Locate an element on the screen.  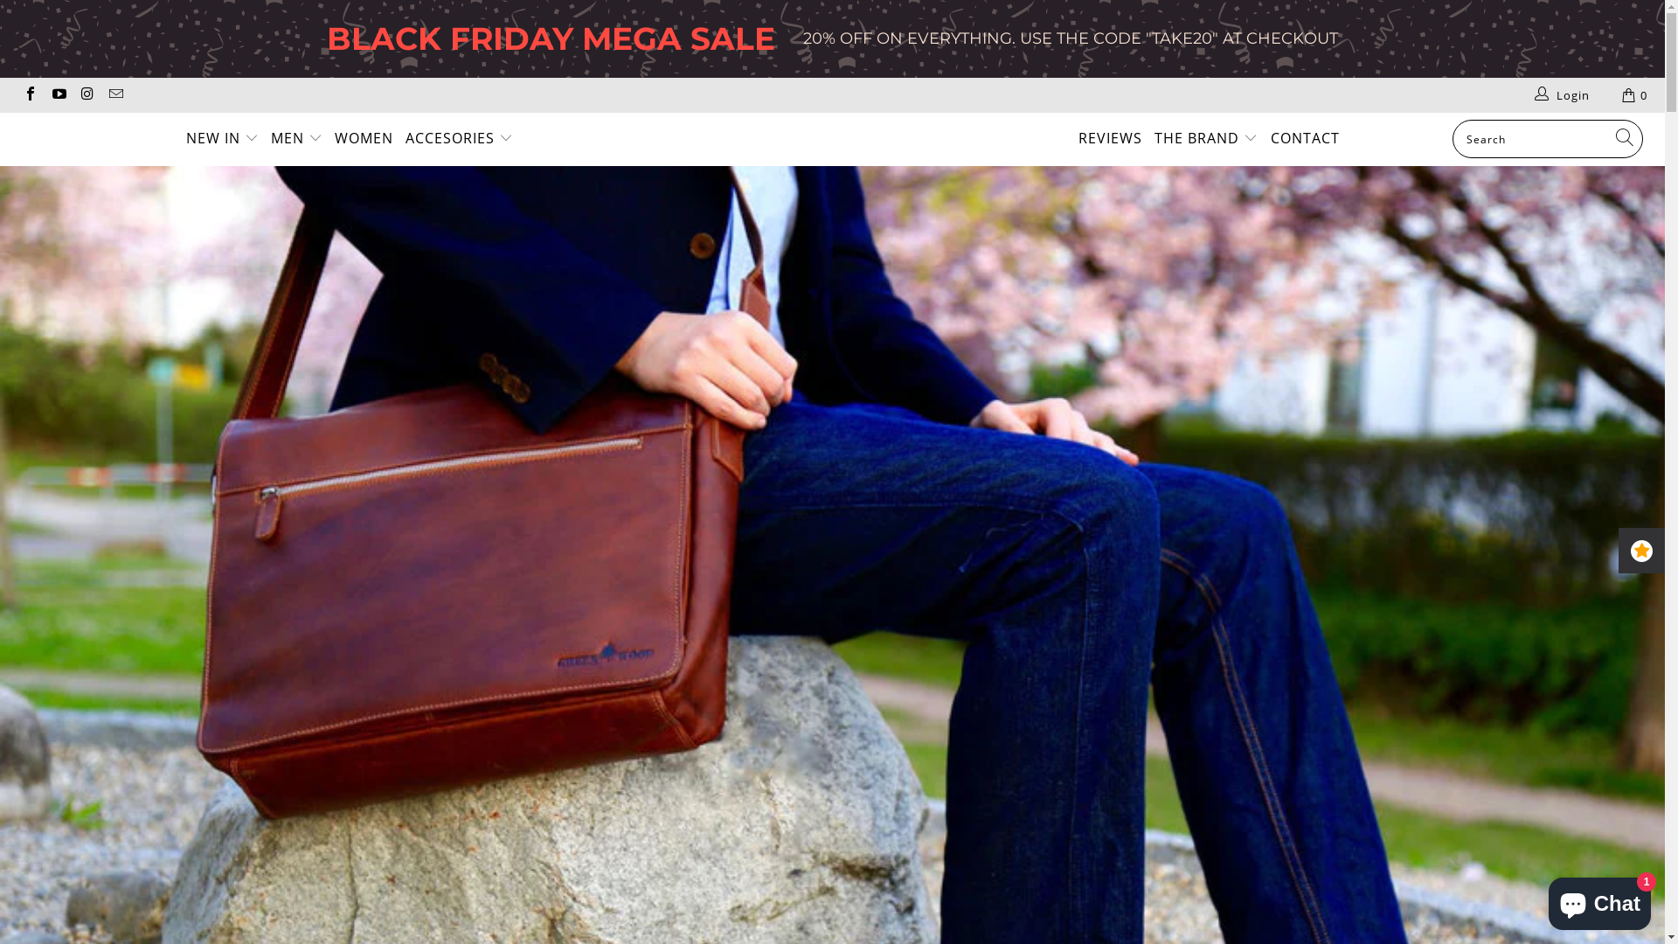
'ACCESORIES' is located at coordinates (459, 137).